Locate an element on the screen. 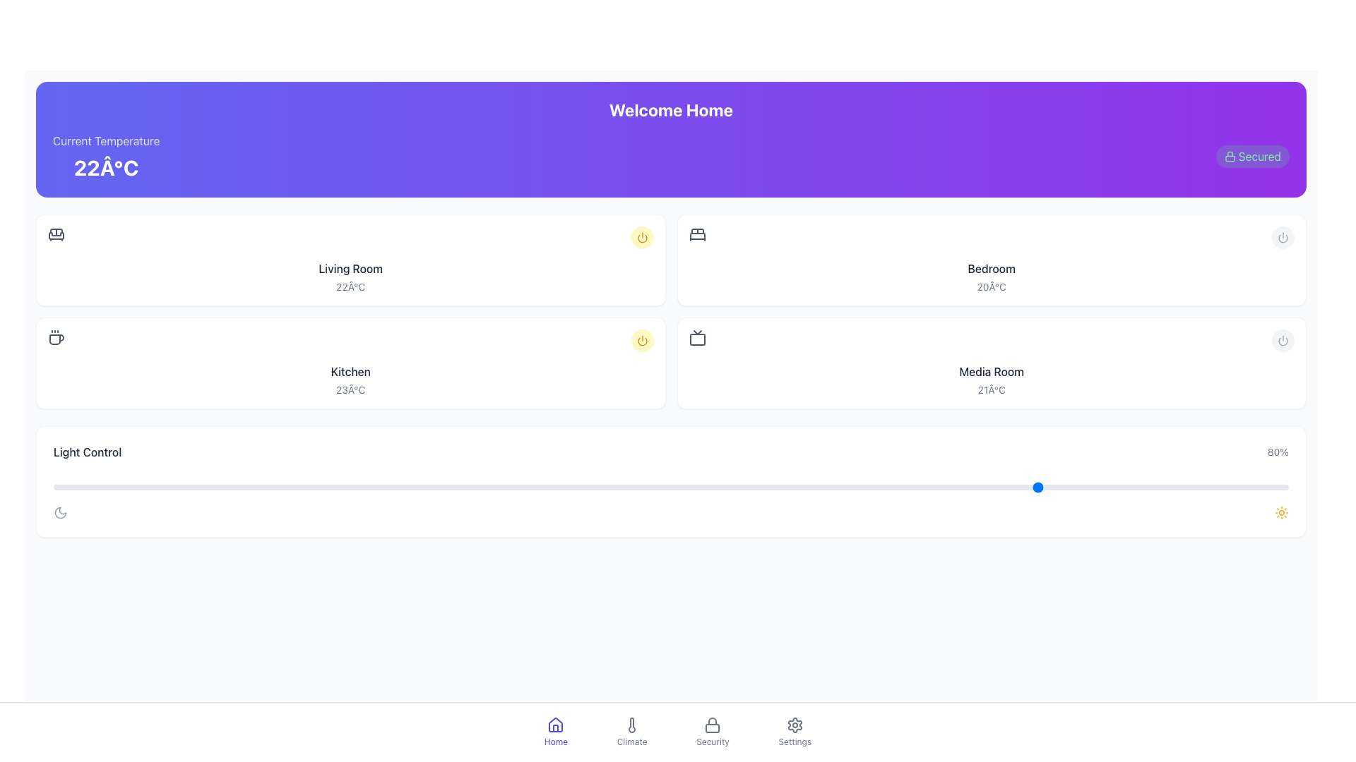 The height and width of the screenshot is (762, 1356). the static display header indicating 'Light Control' functionality with current intensity level '80%', located above the slider component in the white card section is located at coordinates (670, 452).